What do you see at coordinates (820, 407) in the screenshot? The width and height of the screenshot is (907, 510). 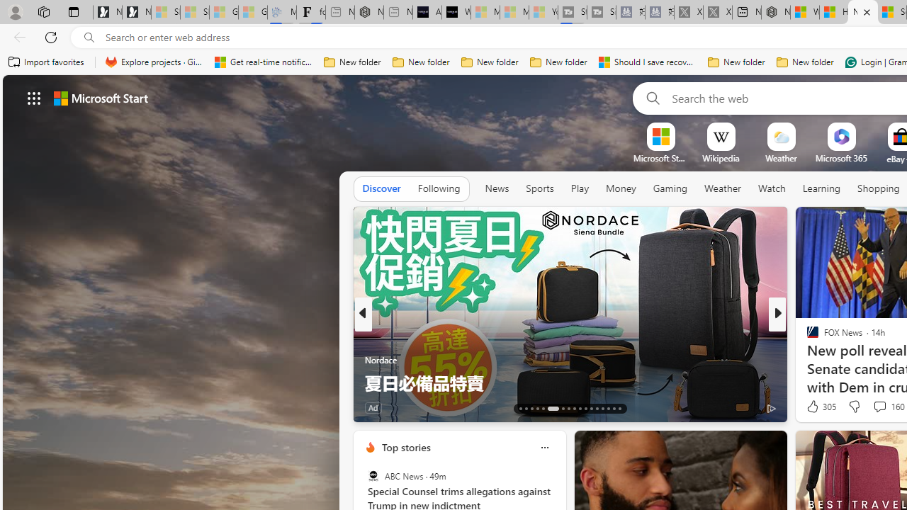 I see `'305 Like'` at bounding box center [820, 407].